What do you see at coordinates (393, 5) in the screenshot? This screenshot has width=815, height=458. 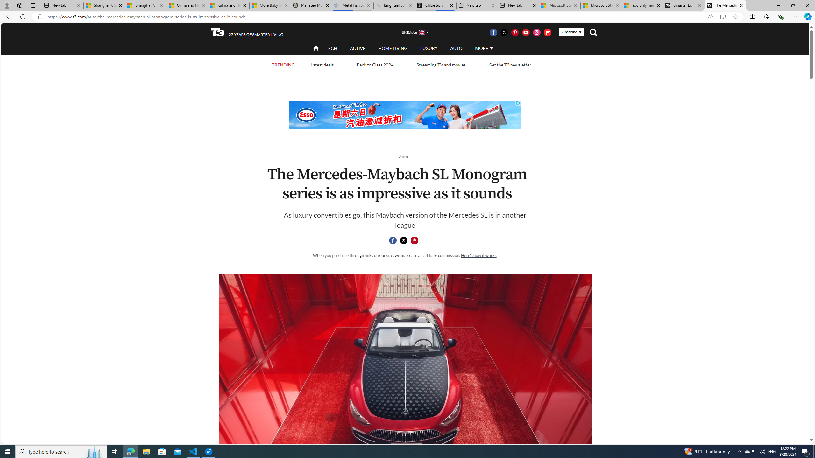 I see `'Bing Real Estate - Home sales and rental listings'` at bounding box center [393, 5].